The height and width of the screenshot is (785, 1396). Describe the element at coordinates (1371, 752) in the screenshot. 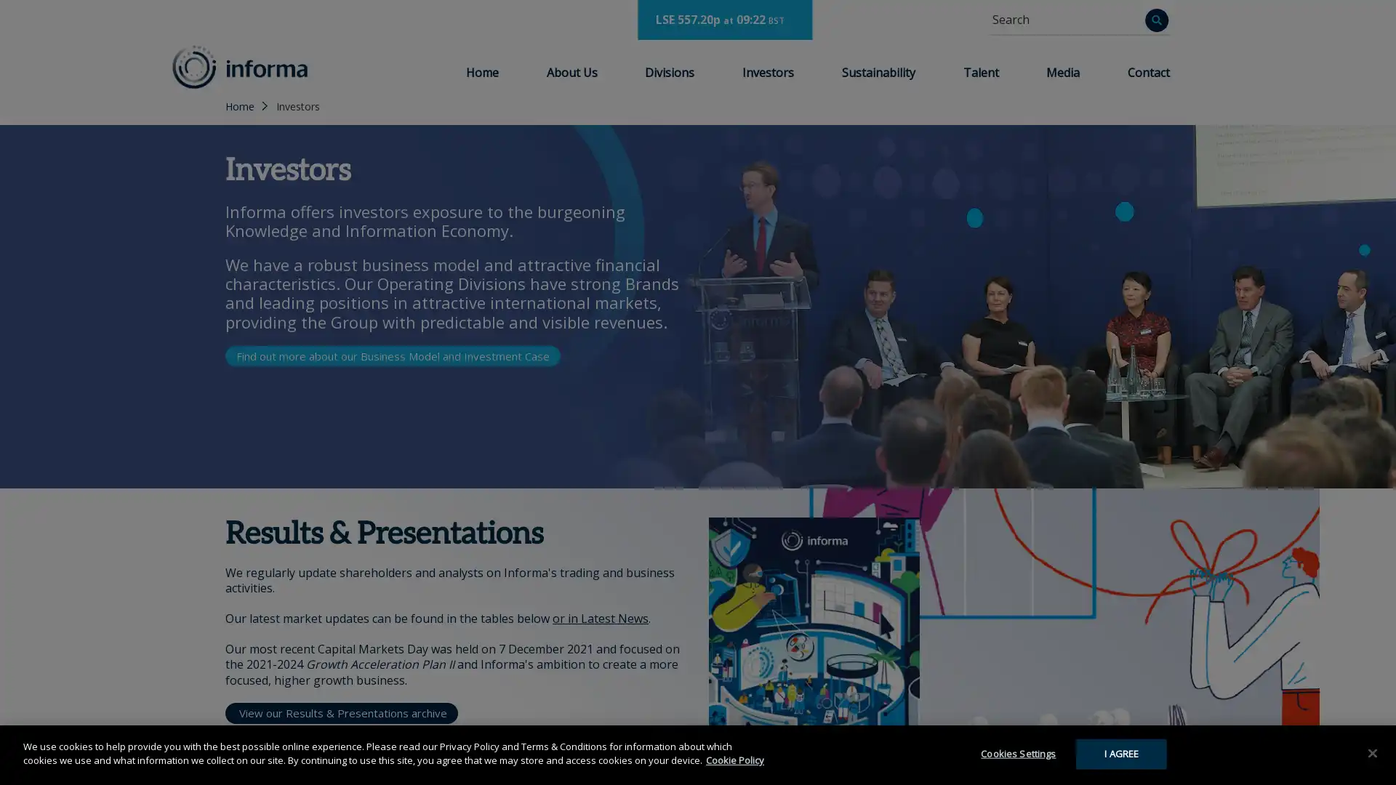

I see `Close` at that location.